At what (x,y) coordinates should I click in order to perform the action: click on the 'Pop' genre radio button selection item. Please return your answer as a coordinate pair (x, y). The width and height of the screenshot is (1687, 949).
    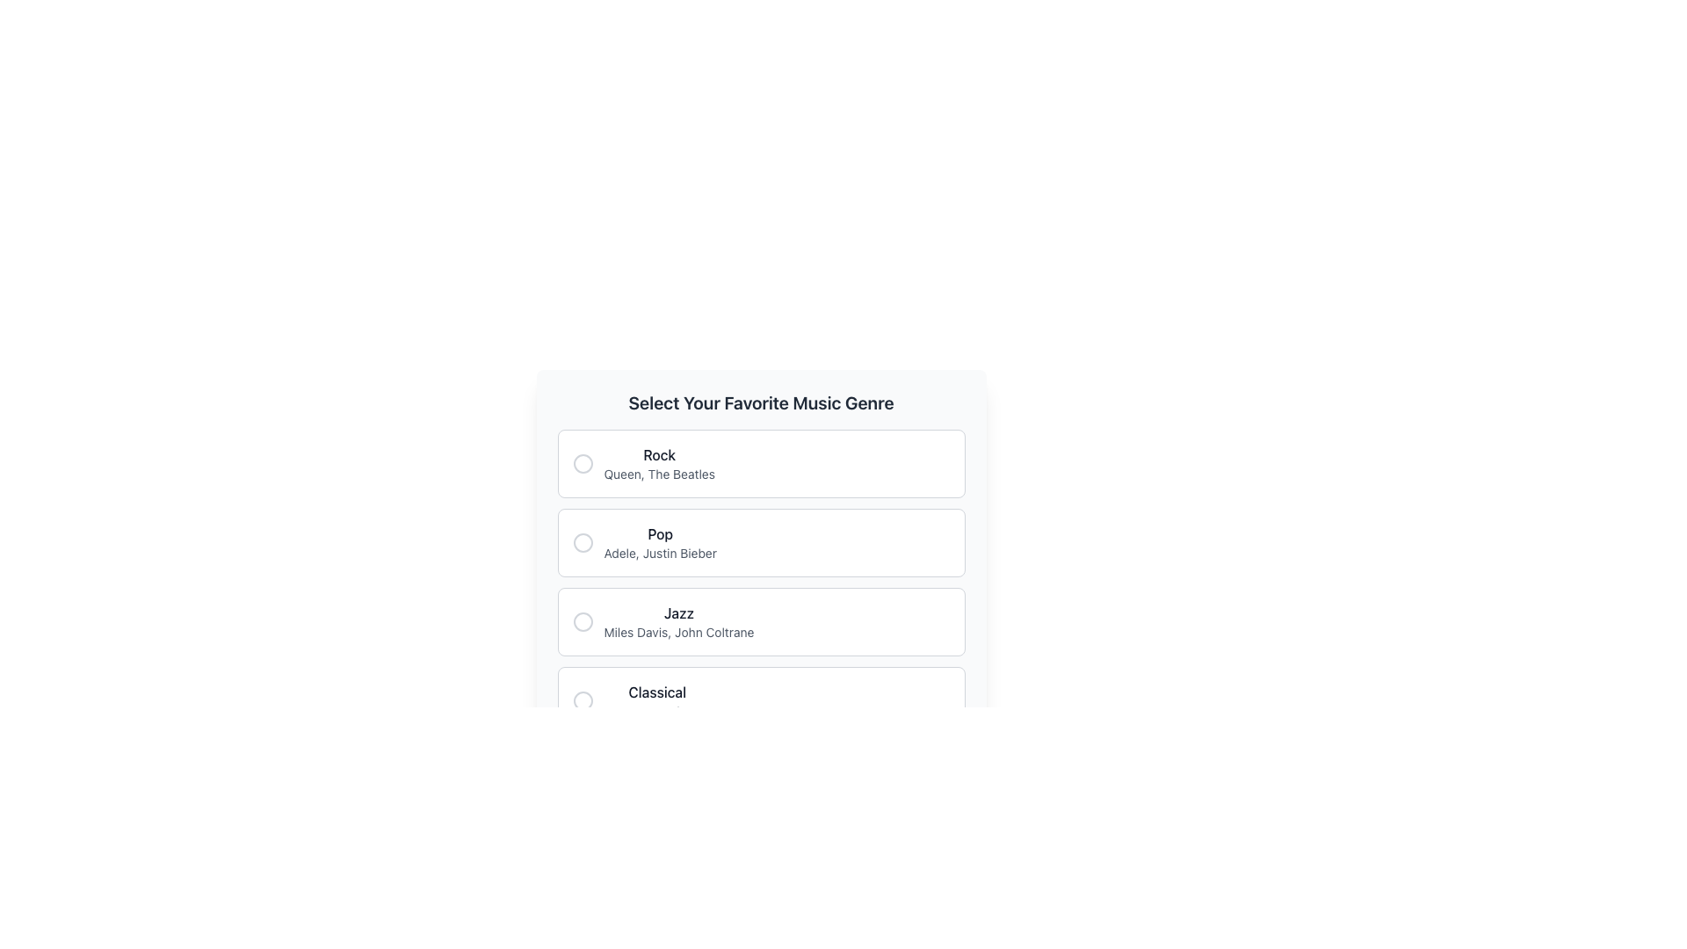
    Looking at the image, I should click on (761, 541).